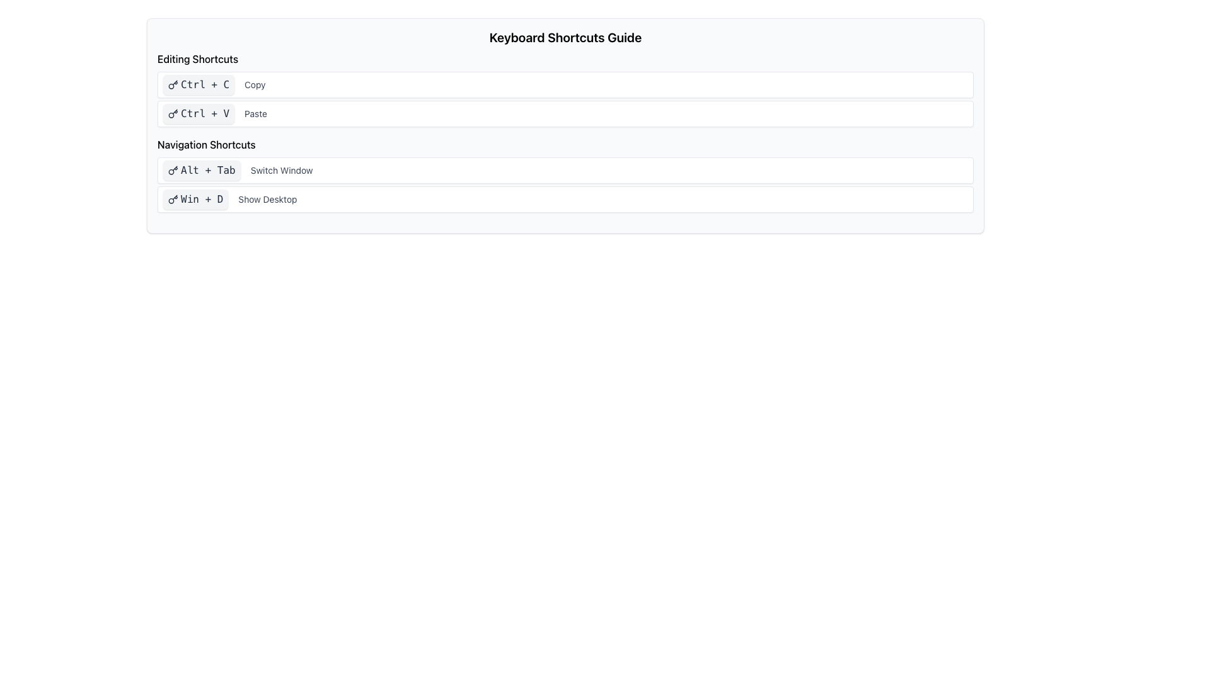  Describe the element at coordinates (206, 144) in the screenshot. I see `the text element that contains bold text reading 'Navigation Shortcuts', styled as a heading, located in the top-central part of the interface` at that location.